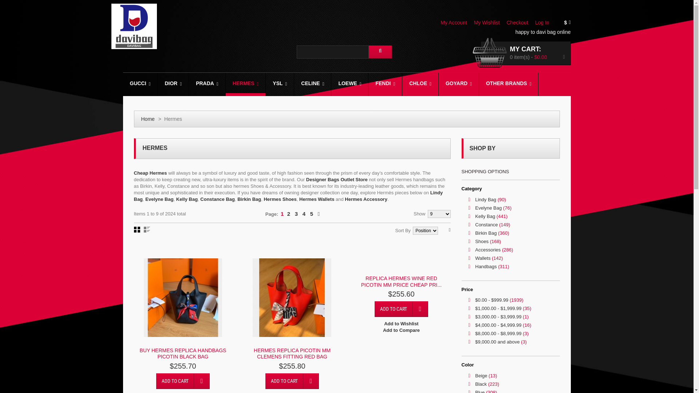  Describe the element at coordinates (246, 84) in the screenshot. I see `'HERMES'` at that location.